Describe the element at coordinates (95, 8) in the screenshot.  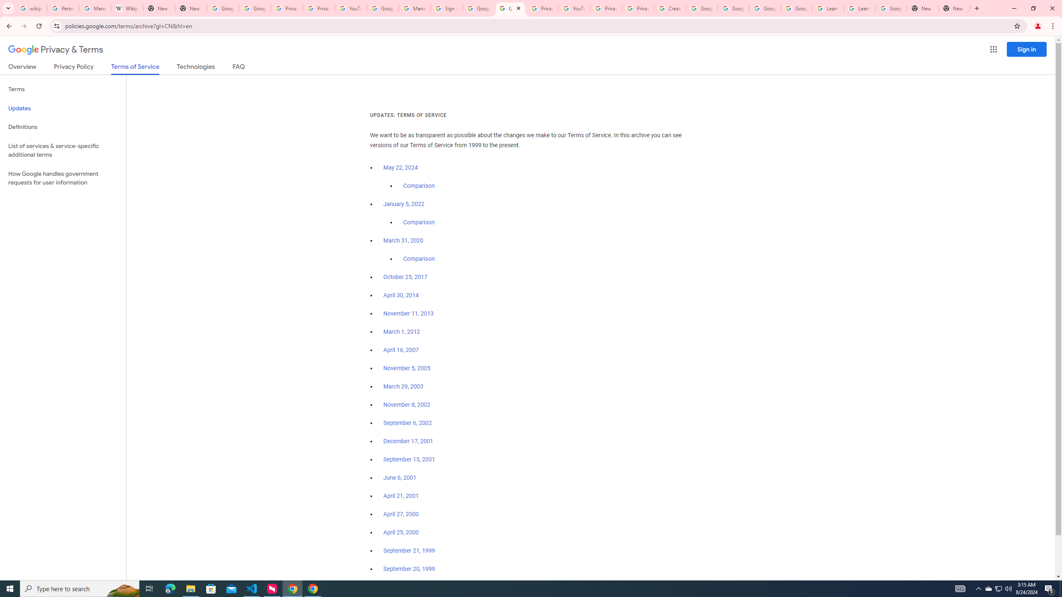
I see `'Manage your Location History - Google Search Help'` at that location.